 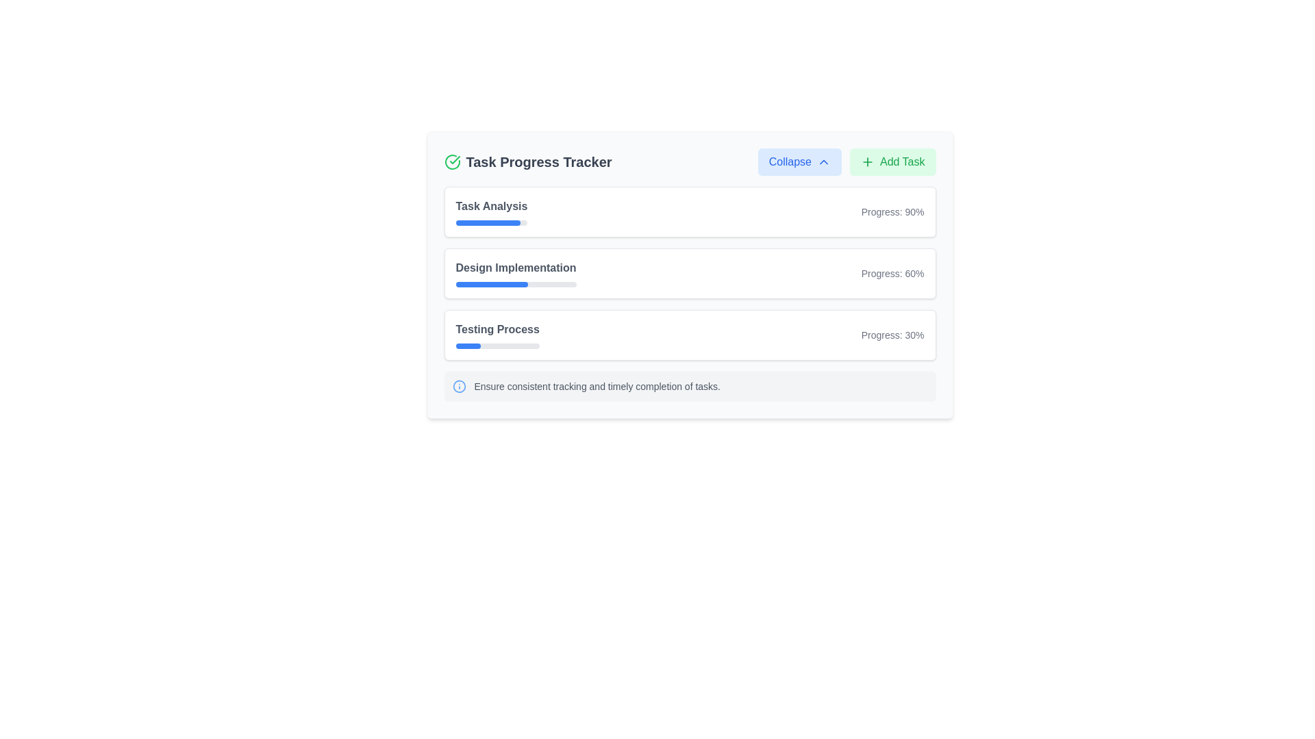 What do you see at coordinates (892, 274) in the screenshot?
I see `the text label displaying 'Progress: 60%' which is styled in light gray and positioned on the right side of the 'Design Implementation' card layout, above the progress bar` at bounding box center [892, 274].